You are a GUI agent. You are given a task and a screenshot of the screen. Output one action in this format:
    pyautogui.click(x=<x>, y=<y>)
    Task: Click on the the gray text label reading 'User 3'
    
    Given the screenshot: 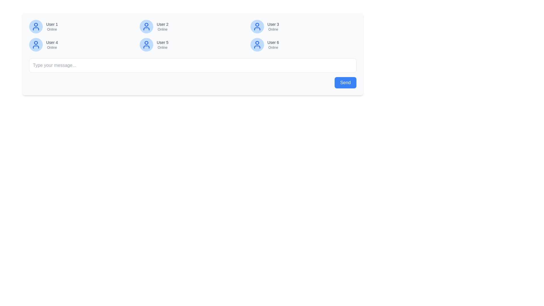 What is the action you would take?
    pyautogui.click(x=273, y=24)
    